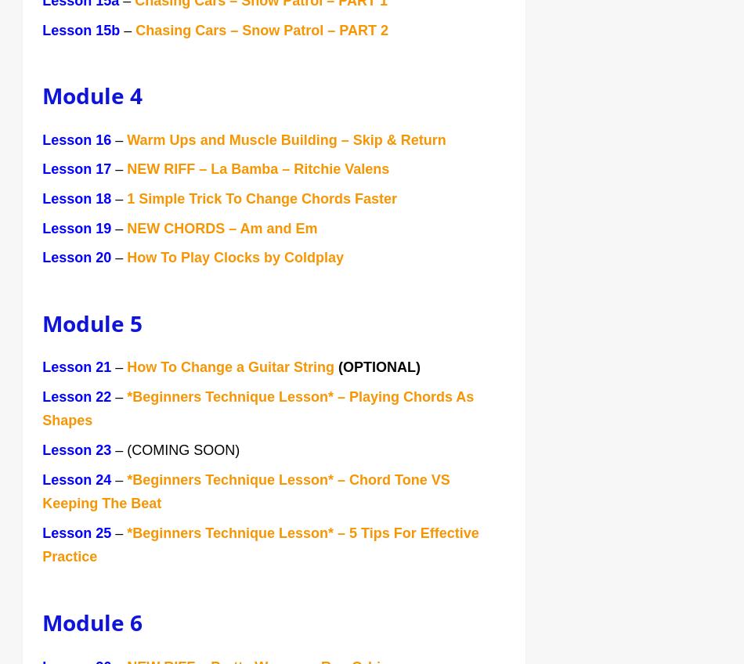 The width and height of the screenshot is (744, 664). What do you see at coordinates (177, 450) in the screenshot?
I see `'– (COMING SOON)'` at bounding box center [177, 450].